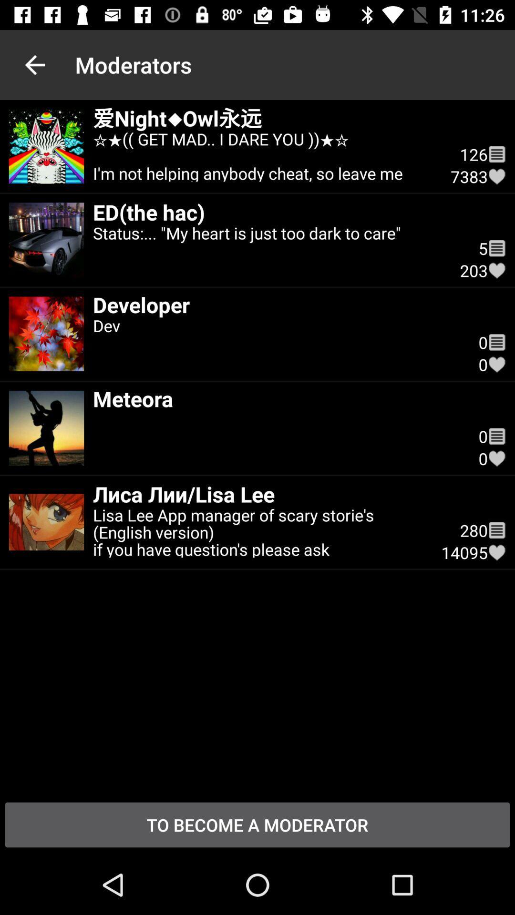 Image resolution: width=515 pixels, height=915 pixels. What do you see at coordinates (464, 552) in the screenshot?
I see `14095 item` at bounding box center [464, 552].